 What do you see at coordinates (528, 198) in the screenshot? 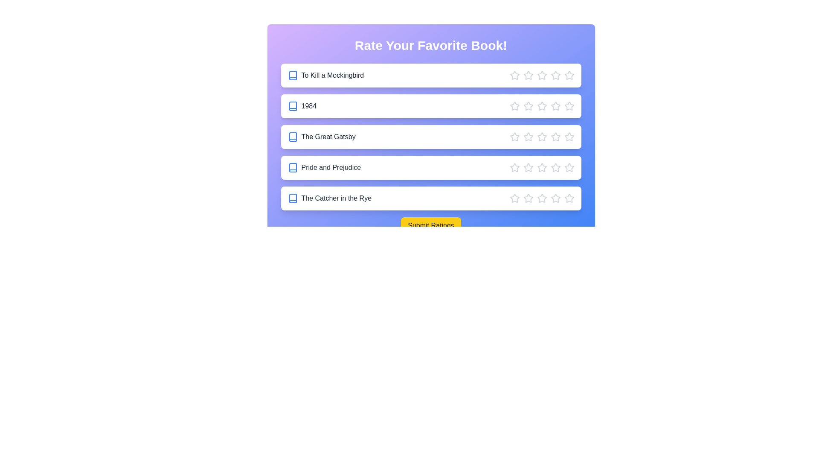
I see `the star corresponding to 2 stars for the book The Catcher in the Rye` at bounding box center [528, 198].